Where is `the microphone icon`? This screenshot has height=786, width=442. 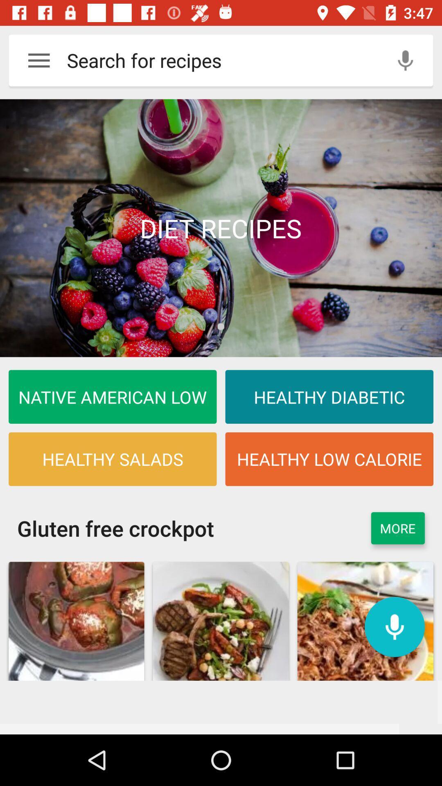 the microphone icon is located at coordinates (405, 60).